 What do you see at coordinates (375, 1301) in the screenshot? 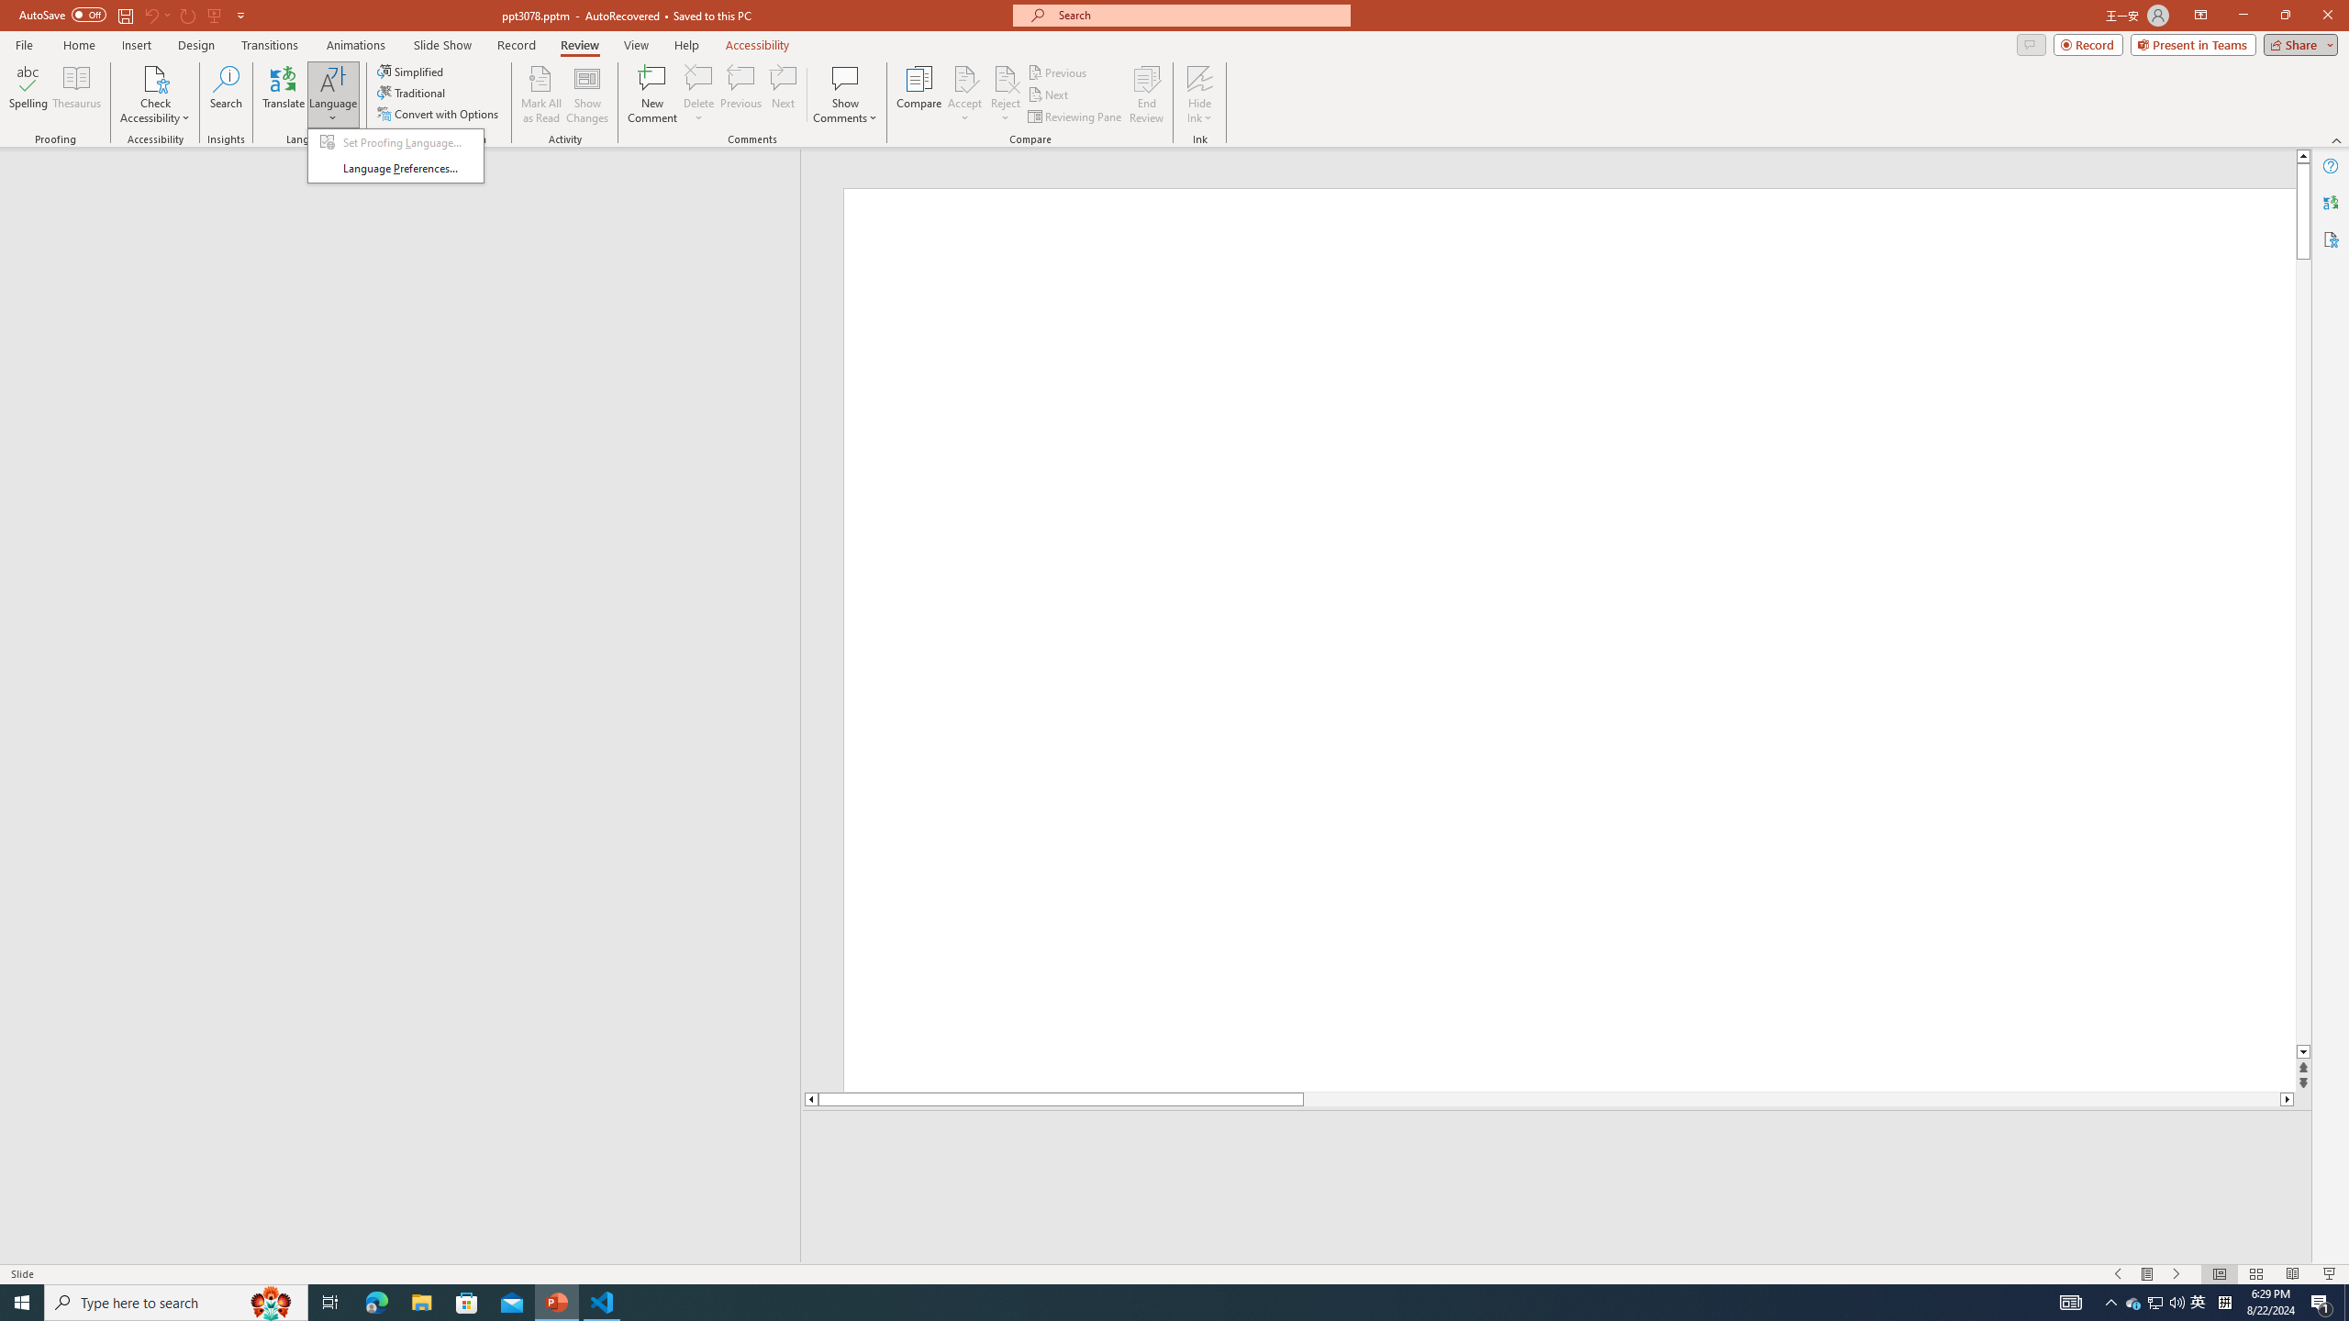
I see `'Microsoft Edge'` at bounding box center [375, 1301].